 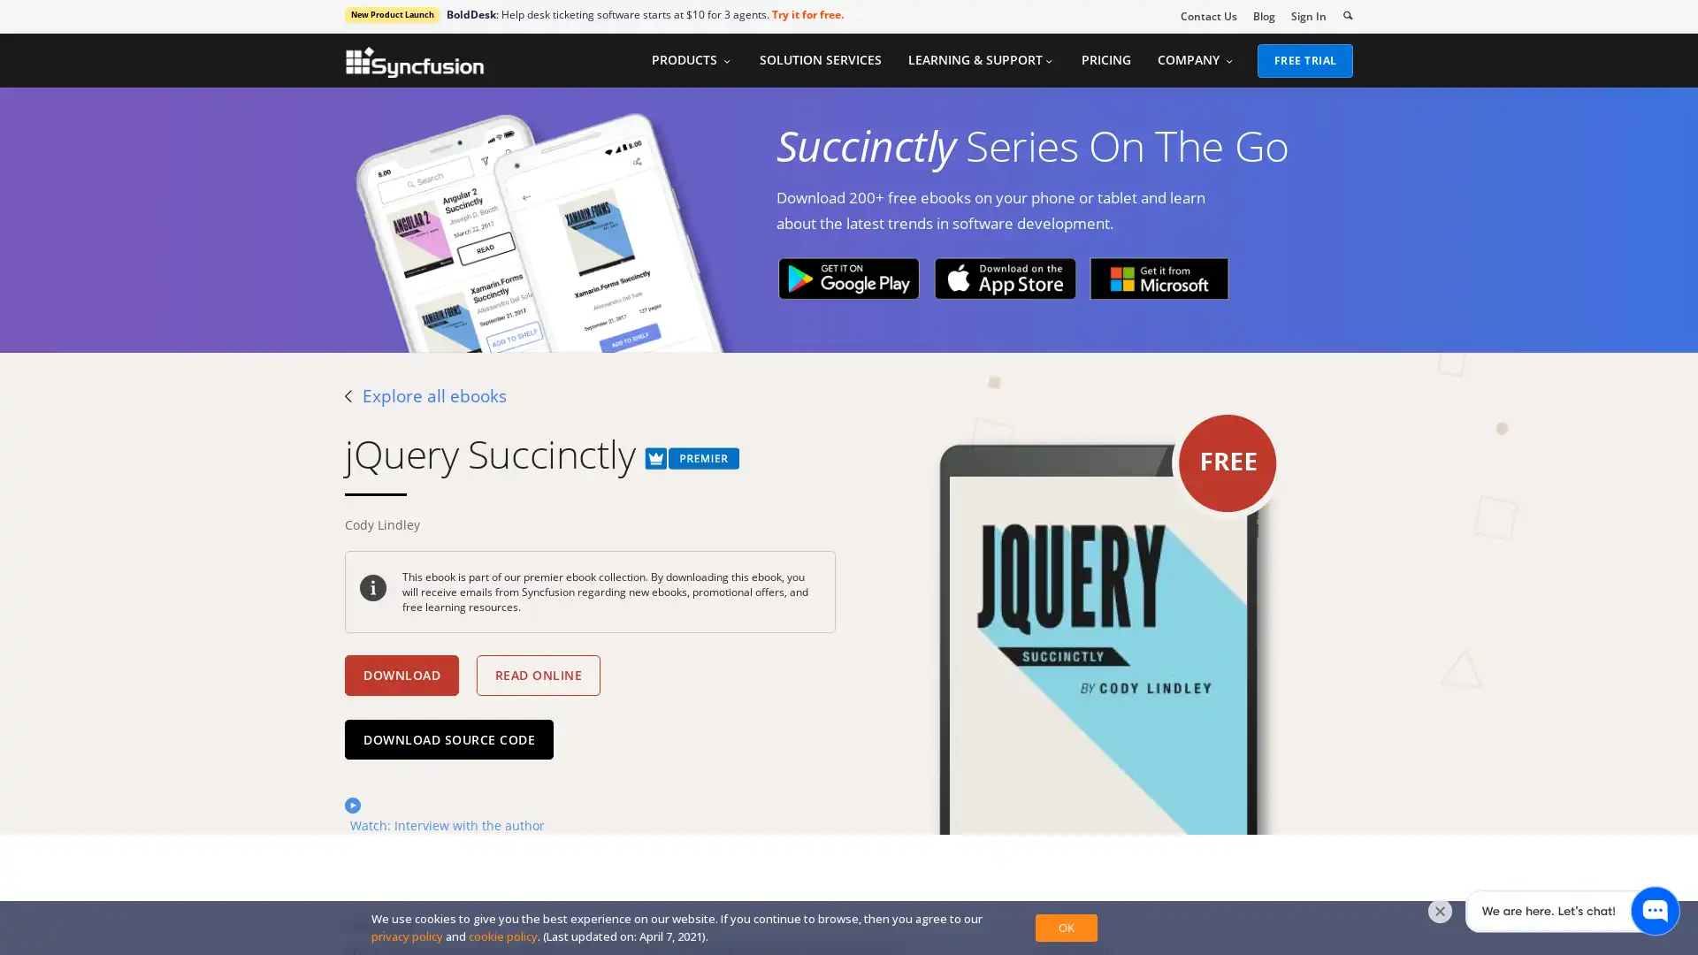 I want to click on READ ONLINE, so click(x=537, y=675).